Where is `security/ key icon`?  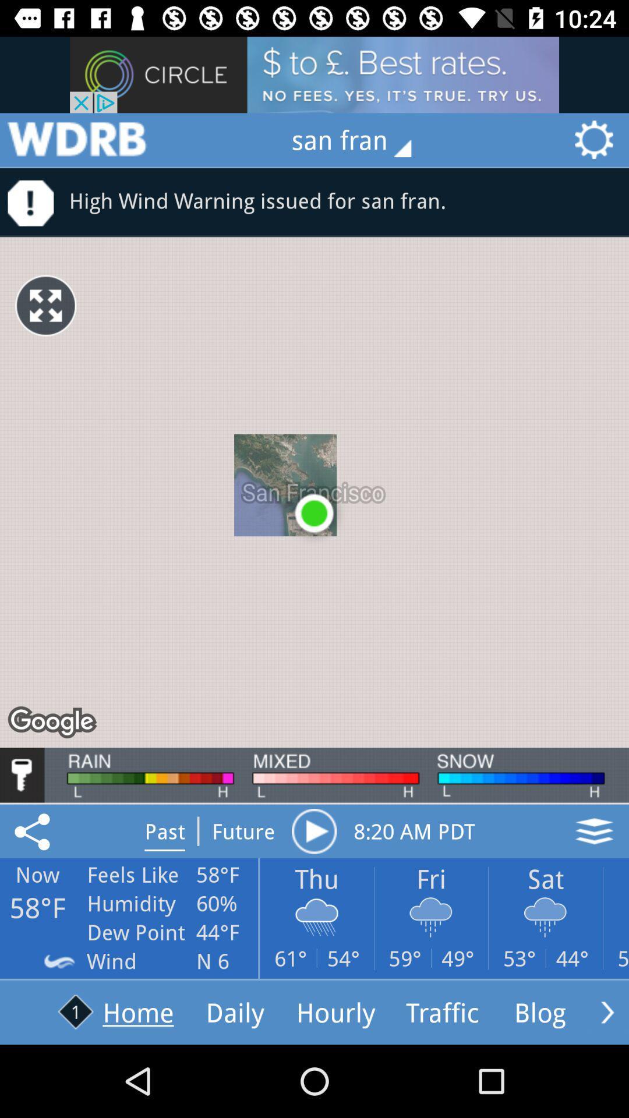
security/ key icon is located at coordinates (22, 775).